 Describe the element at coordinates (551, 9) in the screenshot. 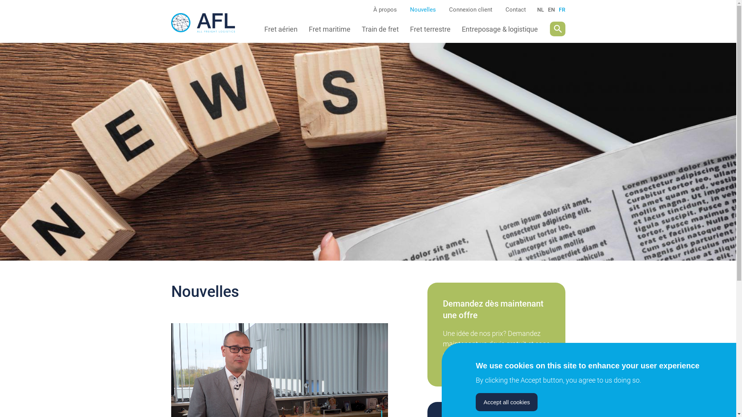

I see `'EN'` at that location.